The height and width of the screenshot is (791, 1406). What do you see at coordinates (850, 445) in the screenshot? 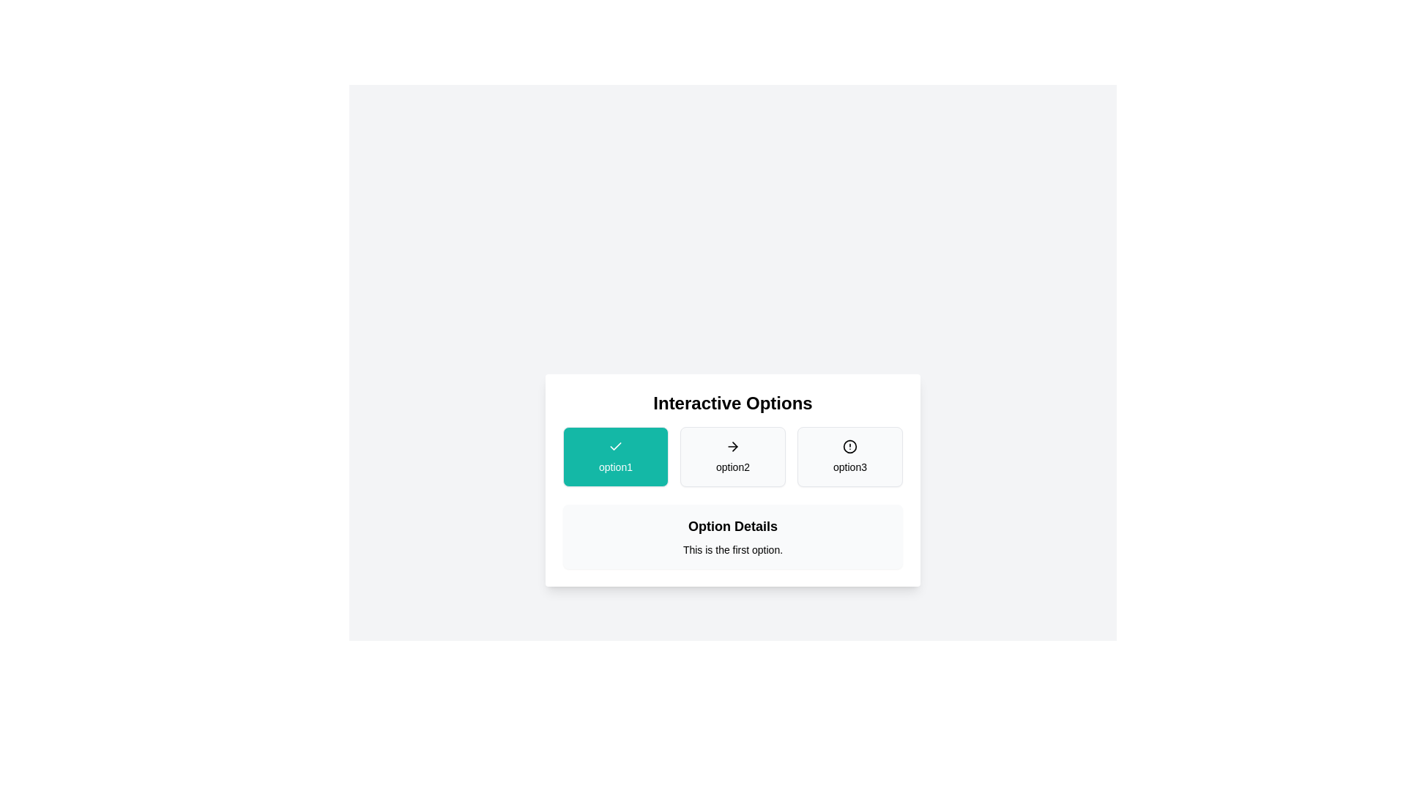
I see `the visual state of the filled circular shape, which is the innermost layer of the SVG warning icon located within the 'option3' of the 'Interactive Options' group` at bounding box center [850, 445].